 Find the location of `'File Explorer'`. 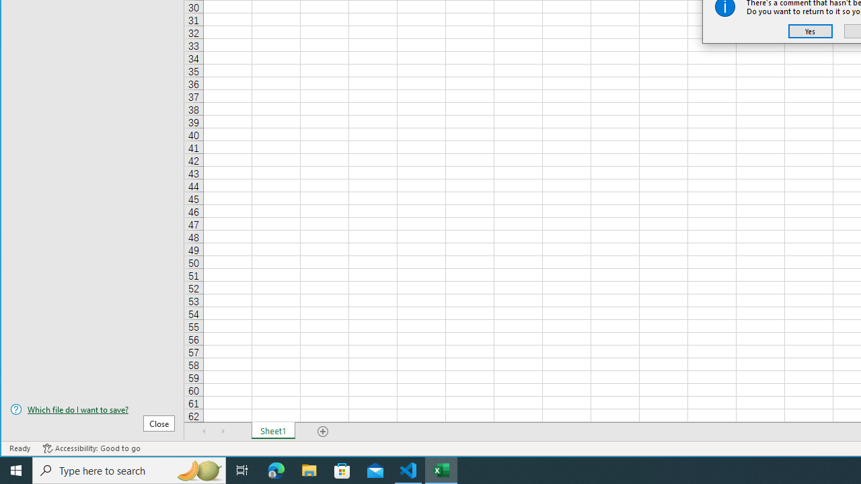

'File Explorer' is located at coordinates (309, 469).